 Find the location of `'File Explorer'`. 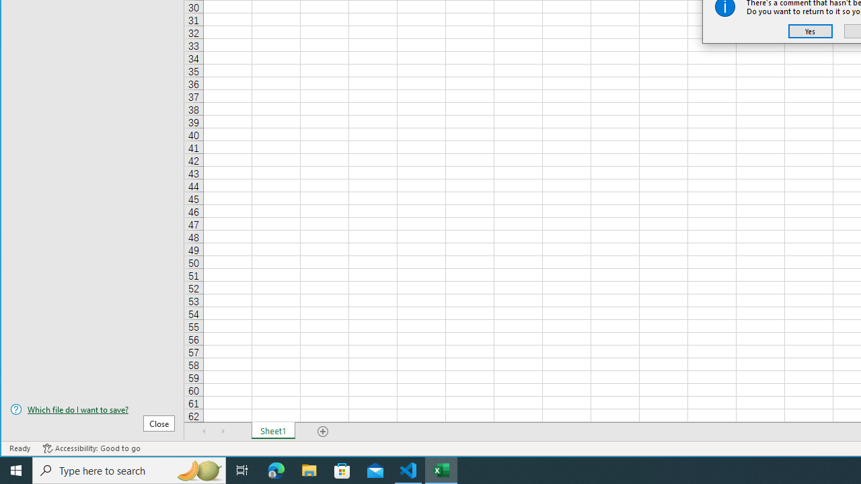

'File Explorer' is located at coordinates (309, 469).